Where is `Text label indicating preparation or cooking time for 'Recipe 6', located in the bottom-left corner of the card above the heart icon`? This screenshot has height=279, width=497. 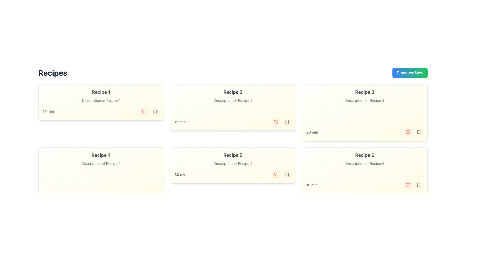
Text label indicating preparation or cooking time for 'Recipe 6', located in the bottom-left corner of the card above the heart icon is located at coordinates (312, 185).